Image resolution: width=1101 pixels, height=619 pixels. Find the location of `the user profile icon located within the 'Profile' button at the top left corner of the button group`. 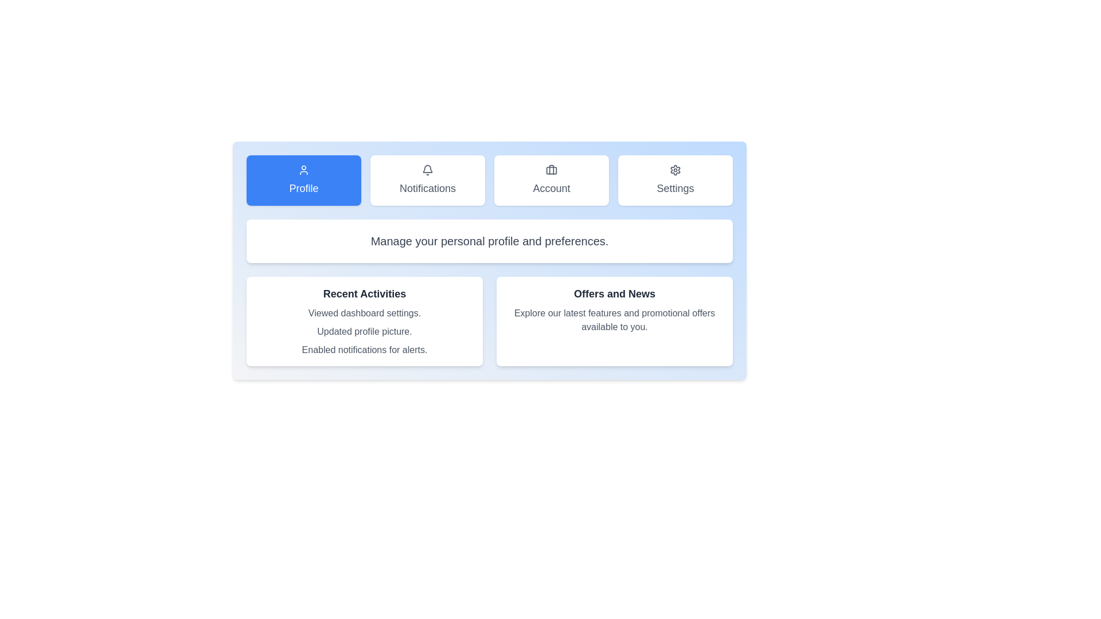

the user profile icon located within the 'Profile' button at the top left corner of the button group is located at coordinates (303, 170).